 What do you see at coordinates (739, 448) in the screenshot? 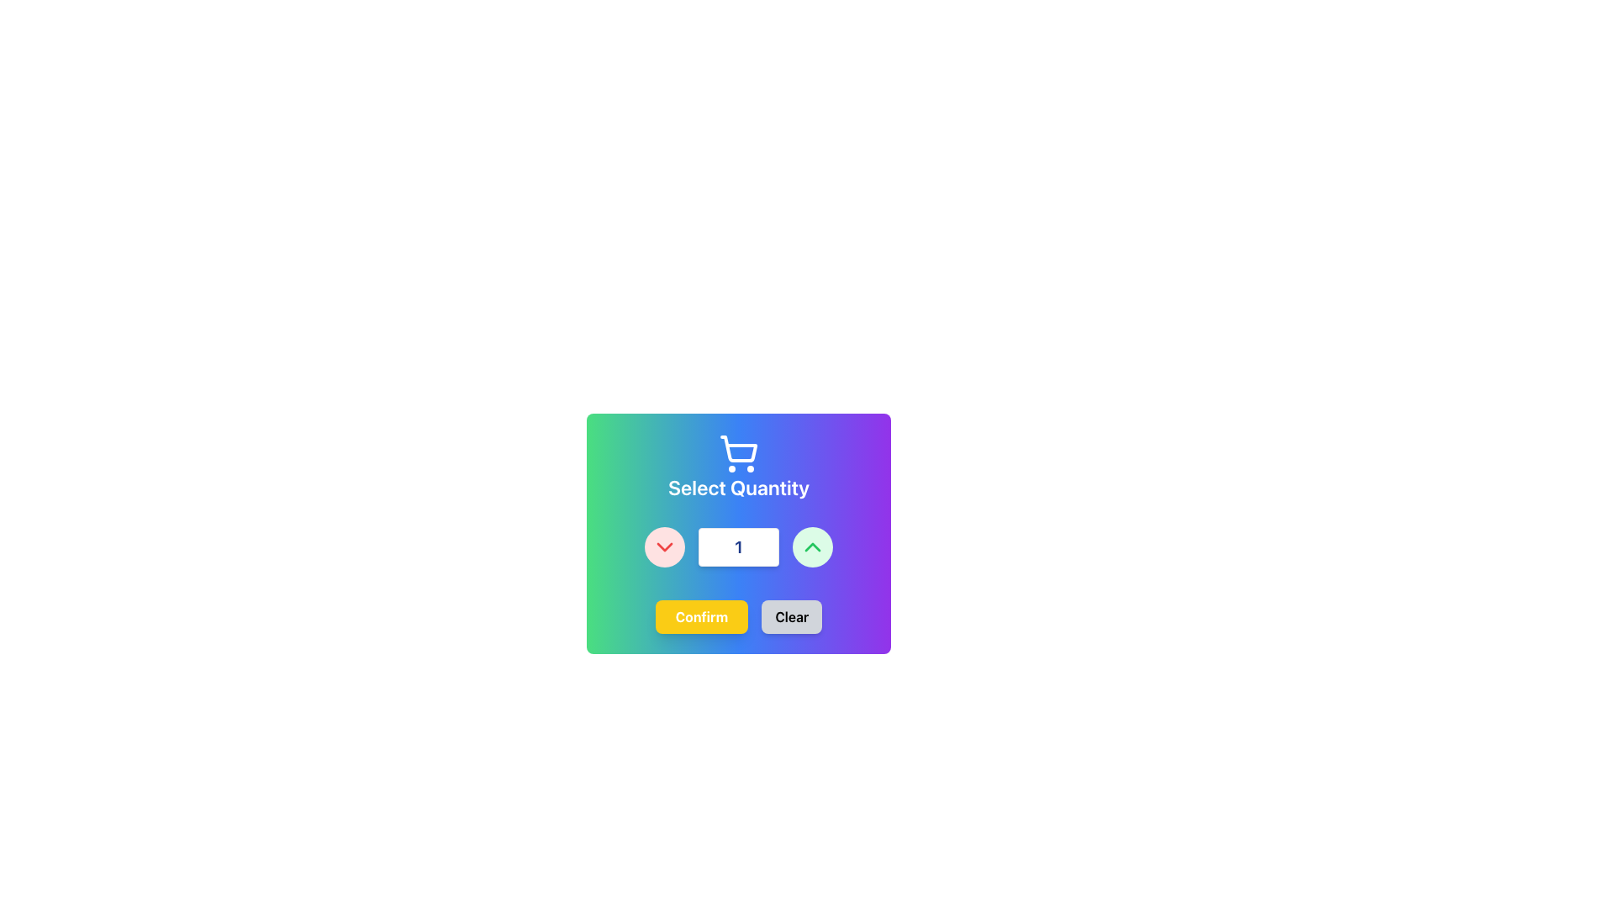
I see `the shopping cart icon, which is stylized with a box structure and a handle, located centrally above the 'Select Quantity' text in the dialog box` at bounding box center [739, 448].